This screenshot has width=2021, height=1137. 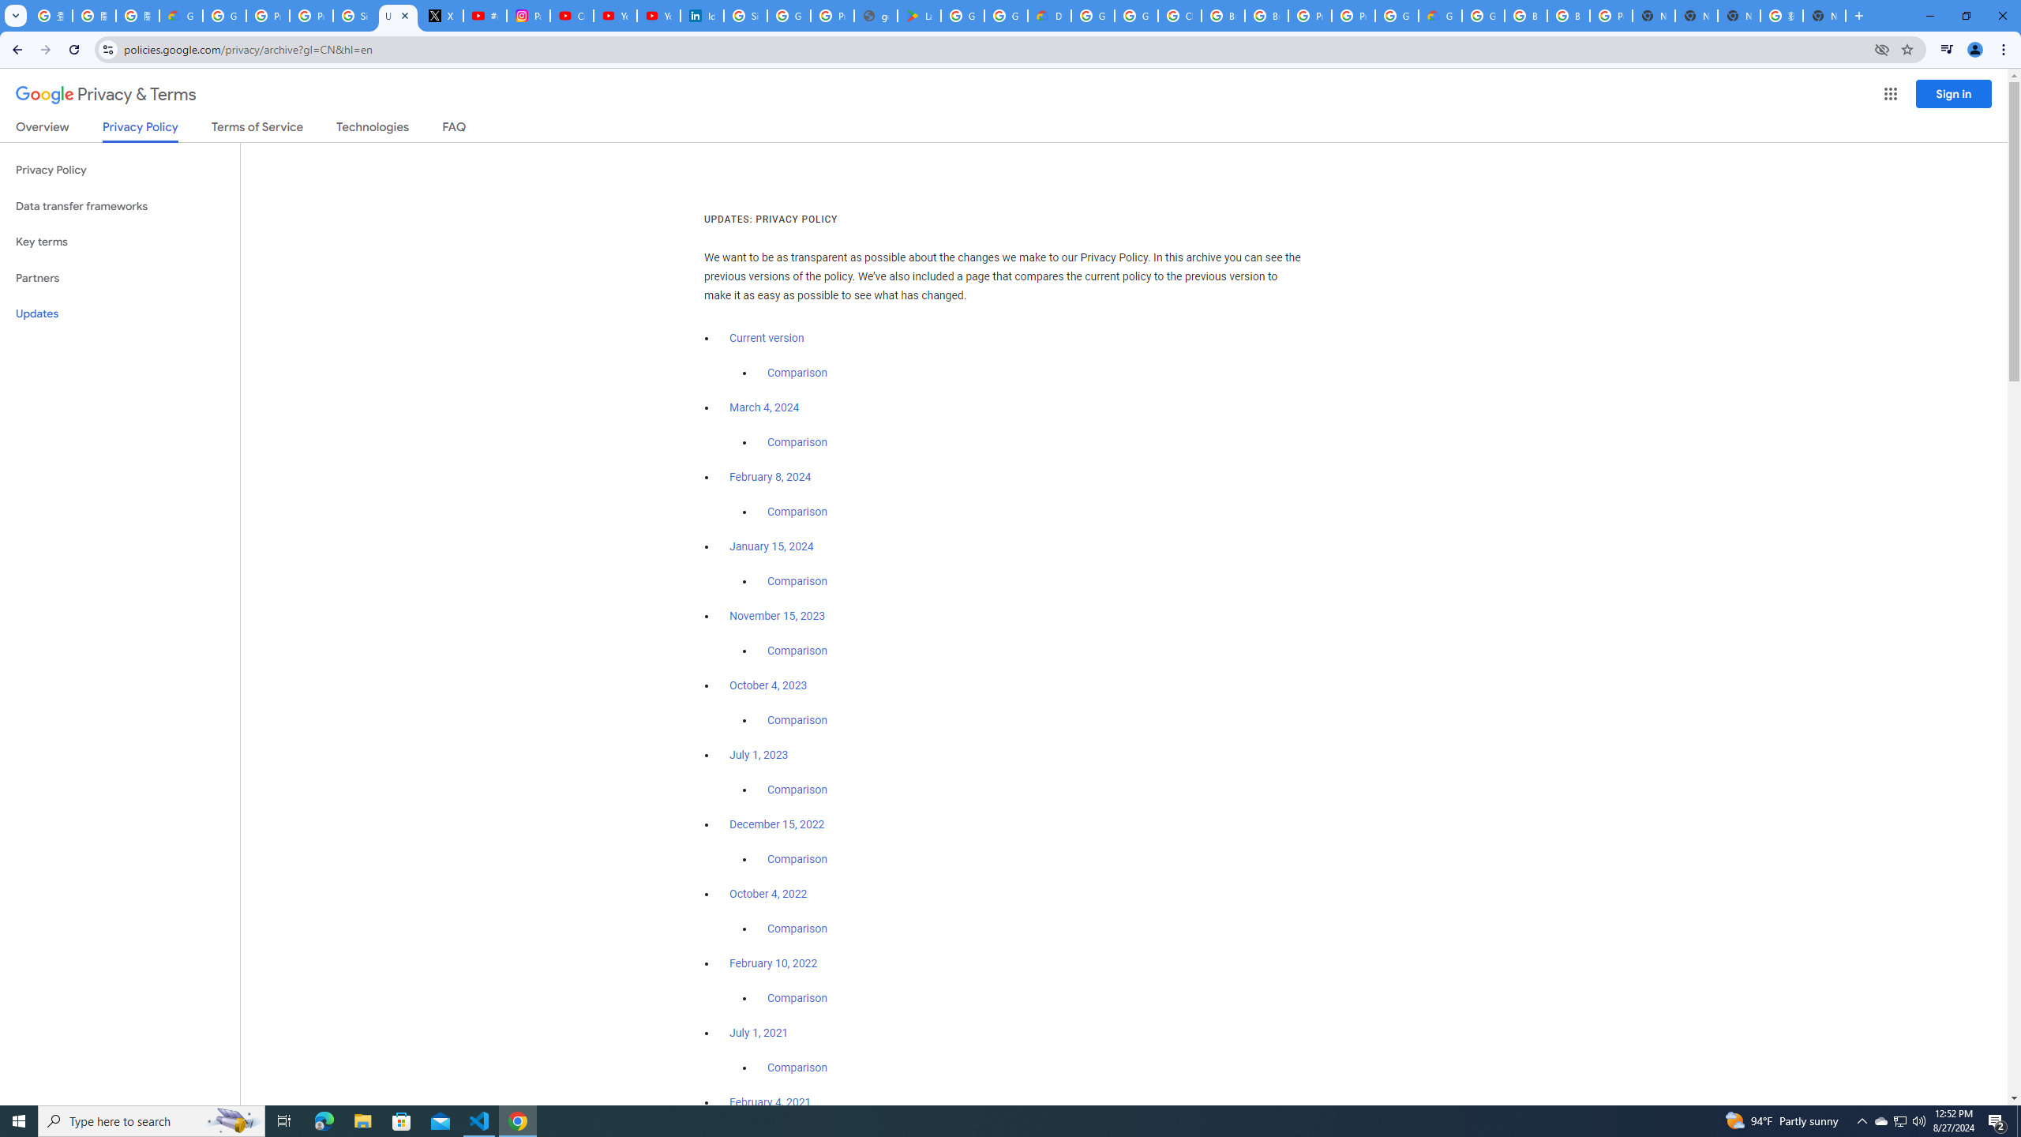 I want to click on 'Browse Chrome as a guest - Computer - Google Chrome Help', so click(x=1525, y=15).